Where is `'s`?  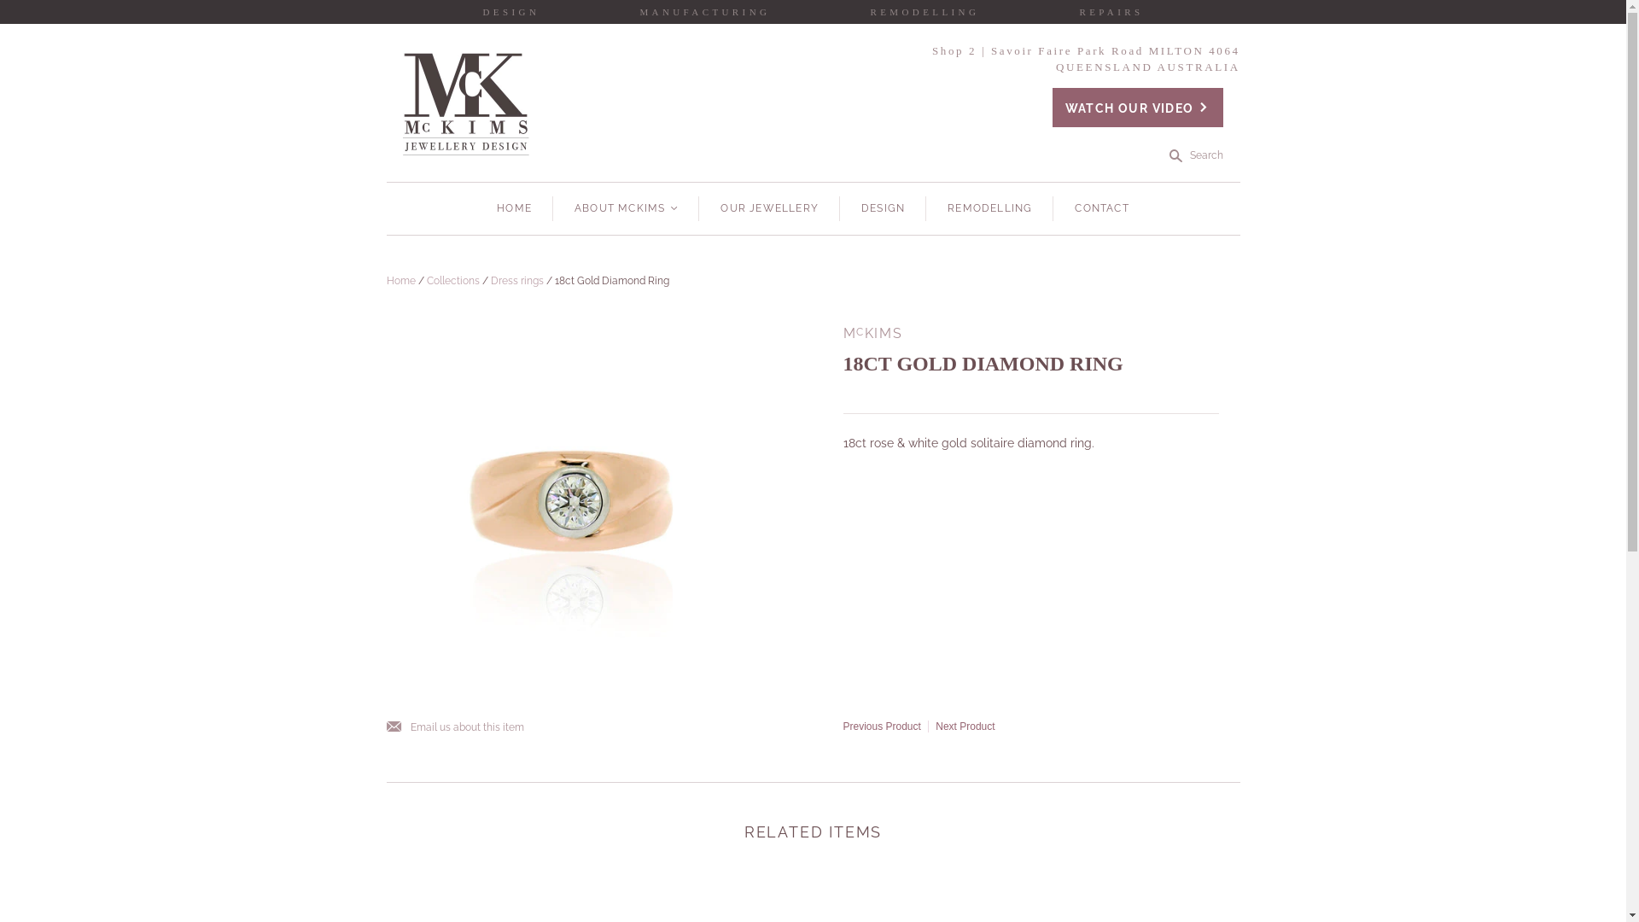 's is located at coordinates (1195, 155).